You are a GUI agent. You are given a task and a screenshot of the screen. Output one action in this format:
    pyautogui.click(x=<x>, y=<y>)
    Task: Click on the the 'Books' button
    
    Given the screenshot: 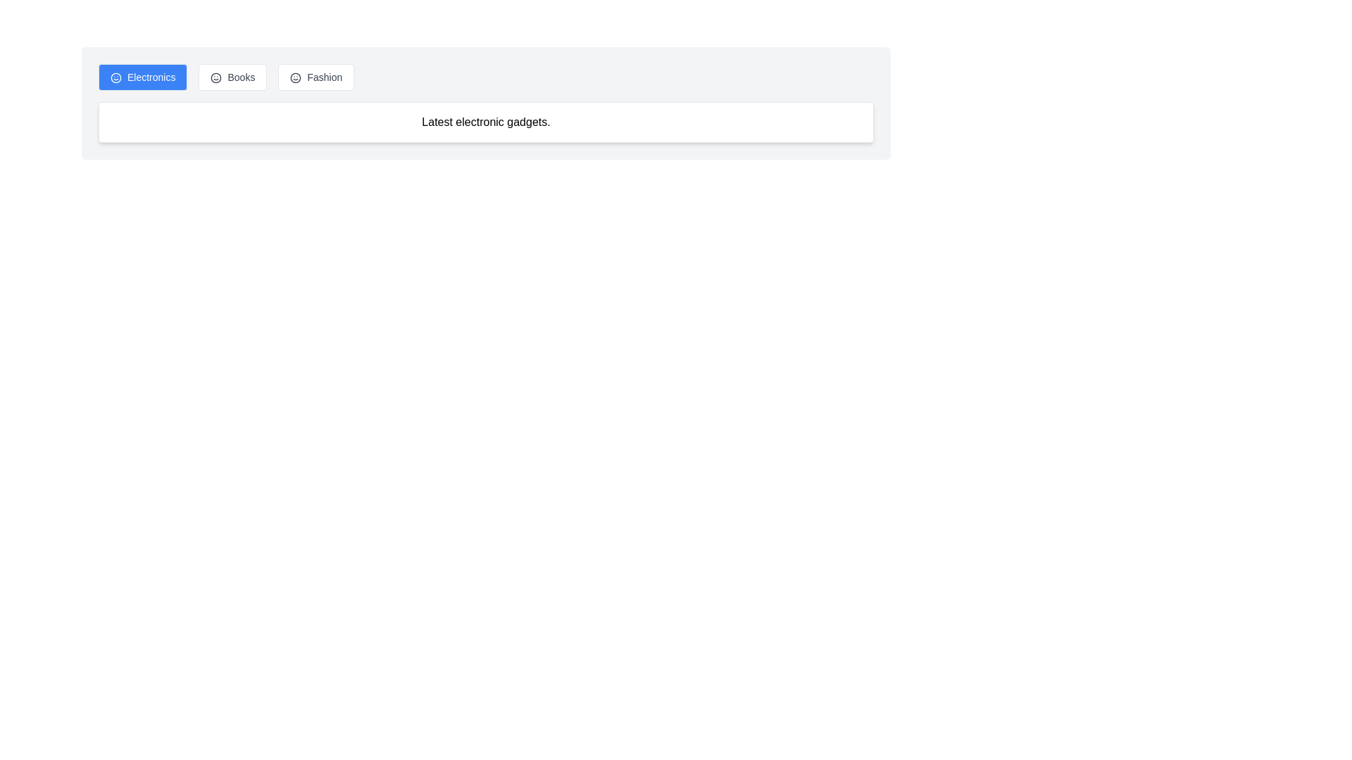 What is the action you would take?
    pyautogui.click(x=233, y=77)
    